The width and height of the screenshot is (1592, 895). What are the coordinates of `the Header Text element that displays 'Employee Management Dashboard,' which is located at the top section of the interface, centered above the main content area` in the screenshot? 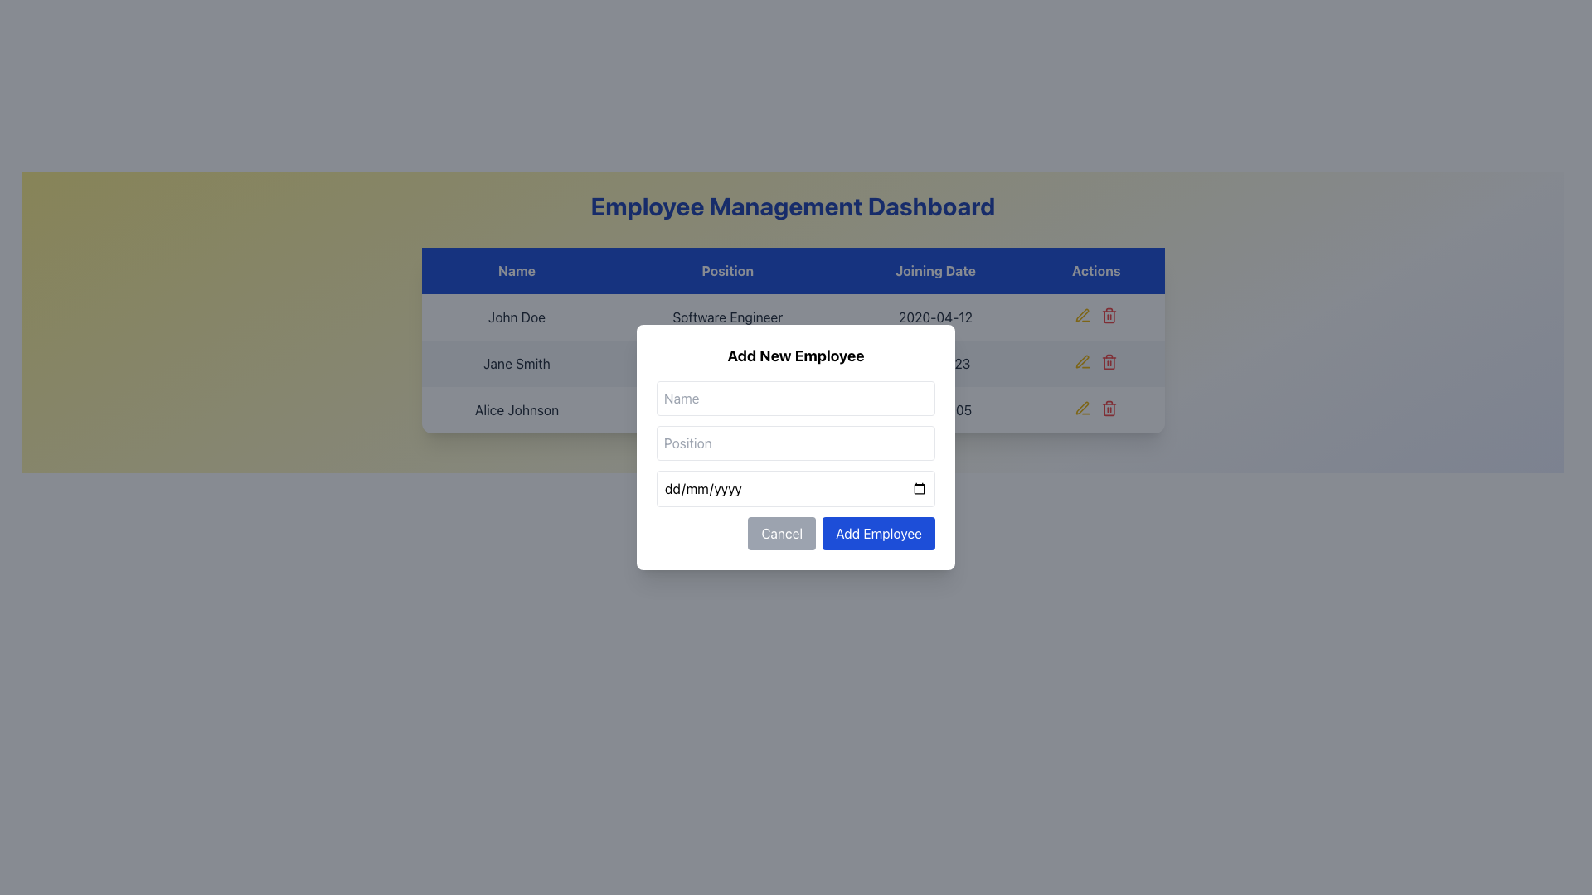 It's located at (792, 206).